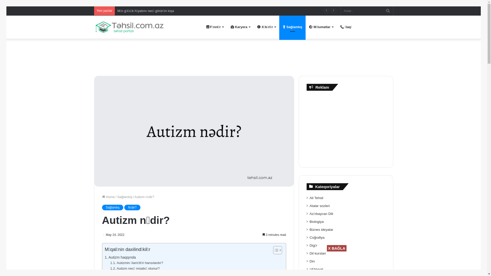 Image resolution: width=491 pixels, height=276 pixels. I want to click on 'Atalar sozleri', so click(319, 205).